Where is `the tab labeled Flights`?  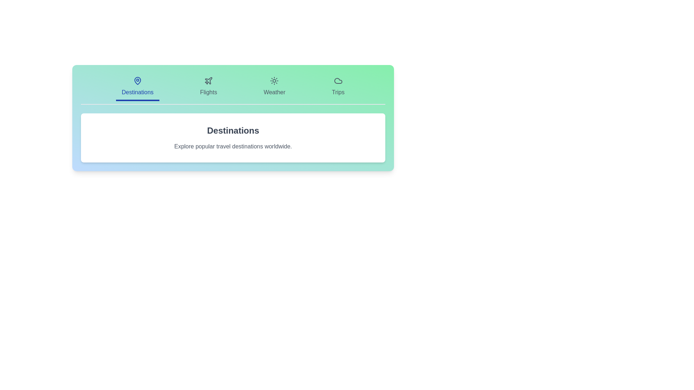
the tab labeled Flights is located at coordinates (208, 87).